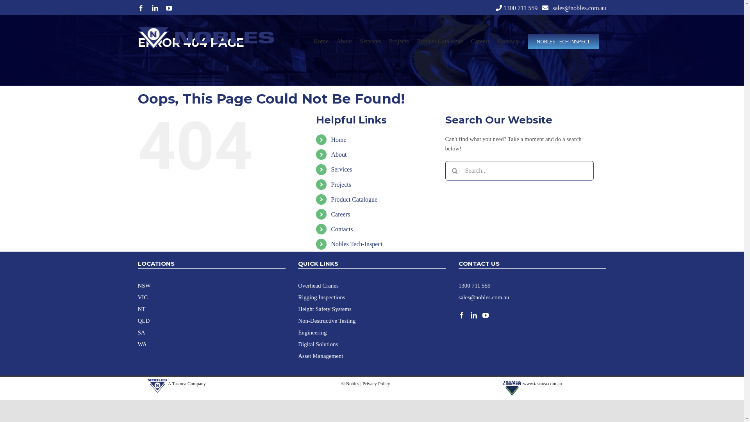 Image resolution: width=750 pixels, height=422 pixels. What do you see at coordinates (327, 320) in the screenshot?
I see `'Non-Destructive Testing'` at bounding box center [327, 320].